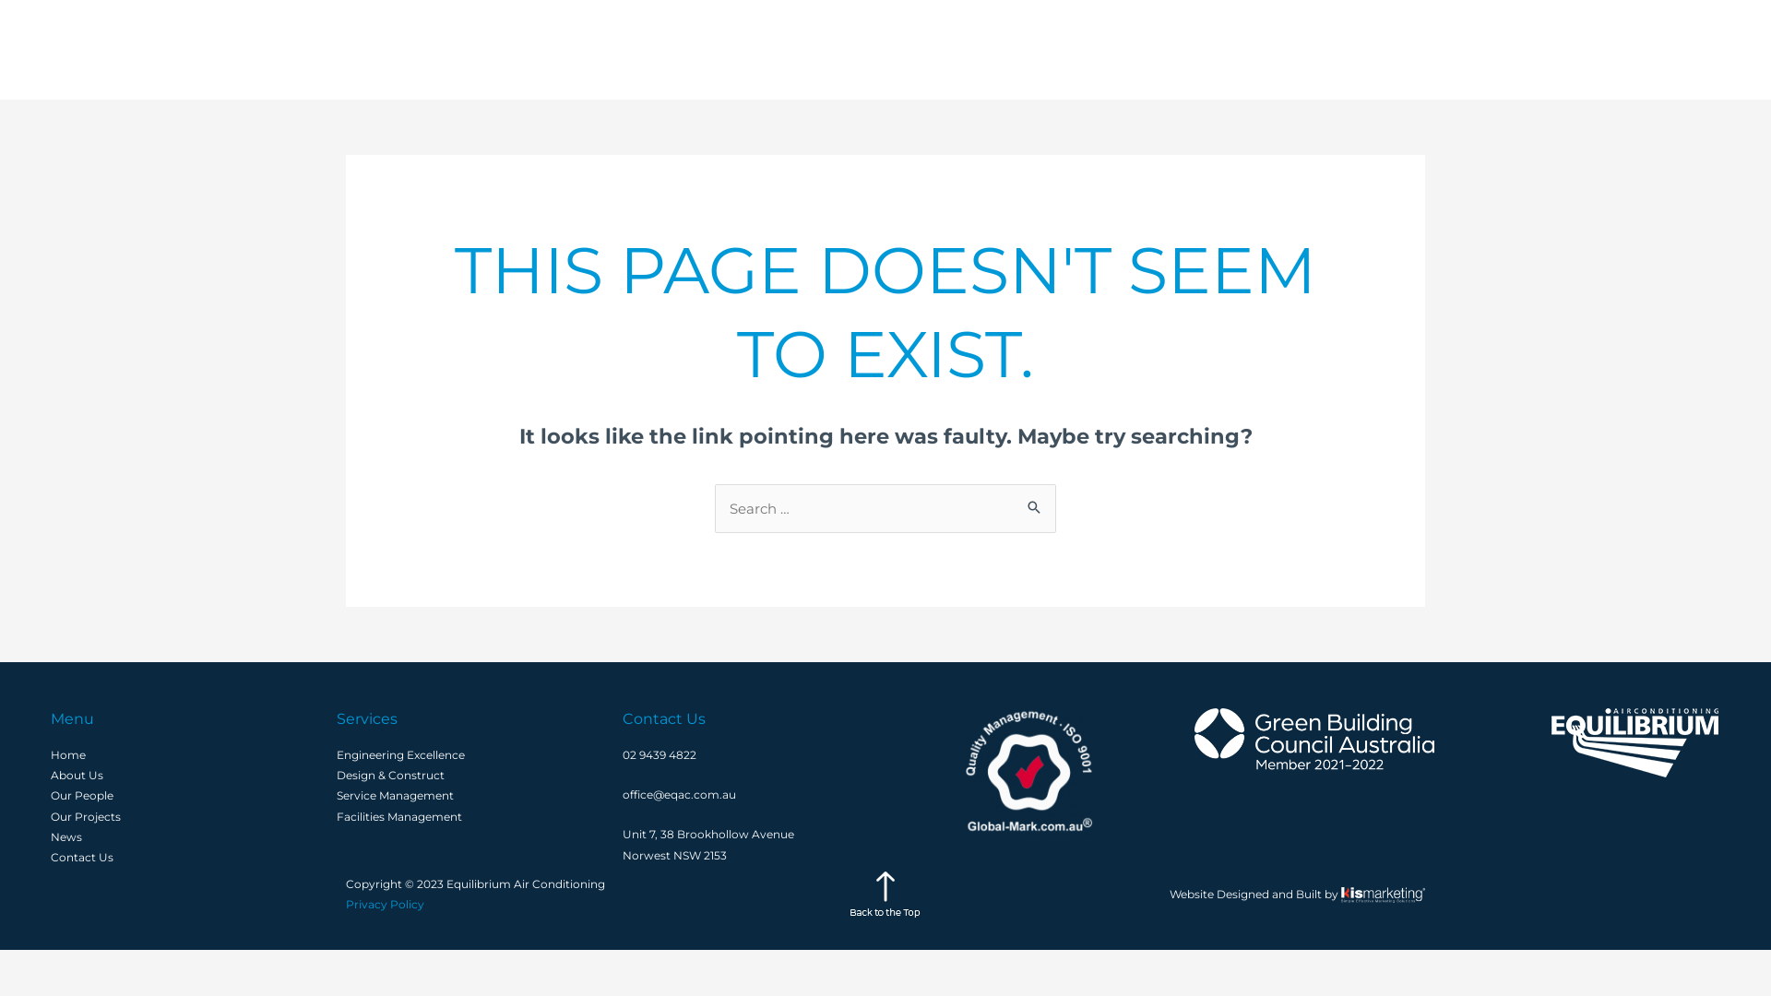  I want to click on 'Home', so click(67, 754).